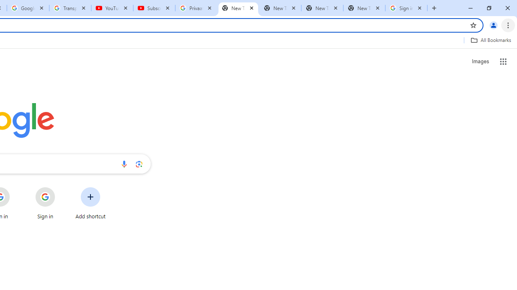 This screenshot has width=517, height=290. Describe the element at coordinates (28, 8) in the screenshot. I see `'Google Account'` at that location.